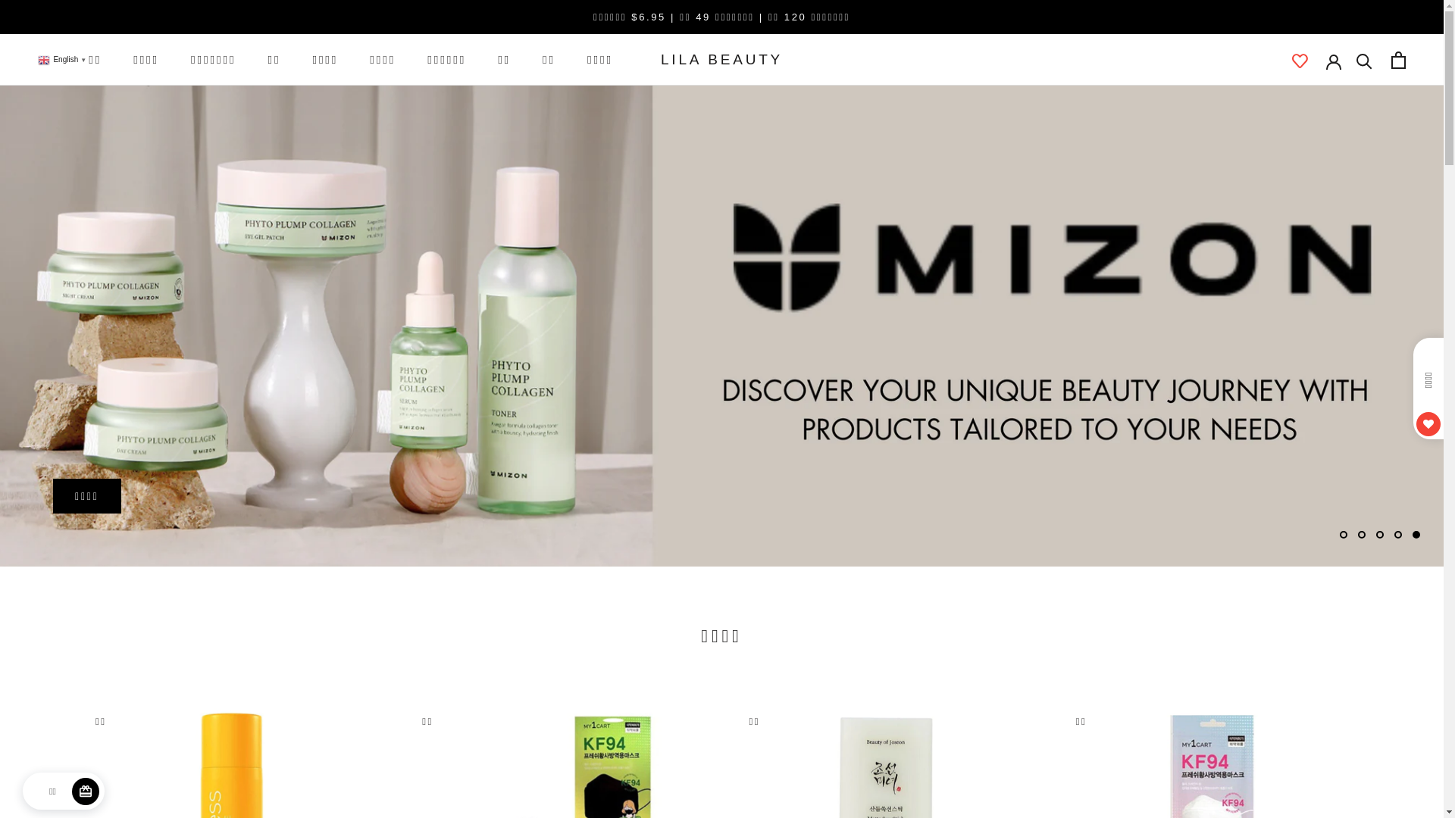 The width and height of the screenshot is (1455, 818). What do you see at coordinates (661, 58) in the screenshot?
I see `'LILA BEAUTY'` at bounding box center [661, 58].